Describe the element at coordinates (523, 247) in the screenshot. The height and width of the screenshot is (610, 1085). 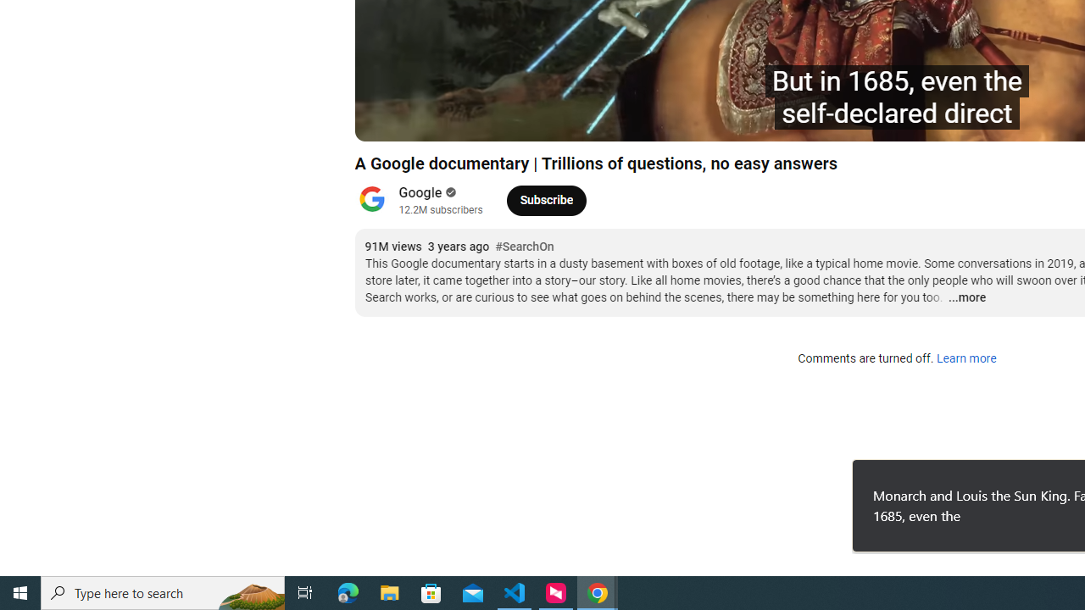
I see `'#SearchOn'` at that location.